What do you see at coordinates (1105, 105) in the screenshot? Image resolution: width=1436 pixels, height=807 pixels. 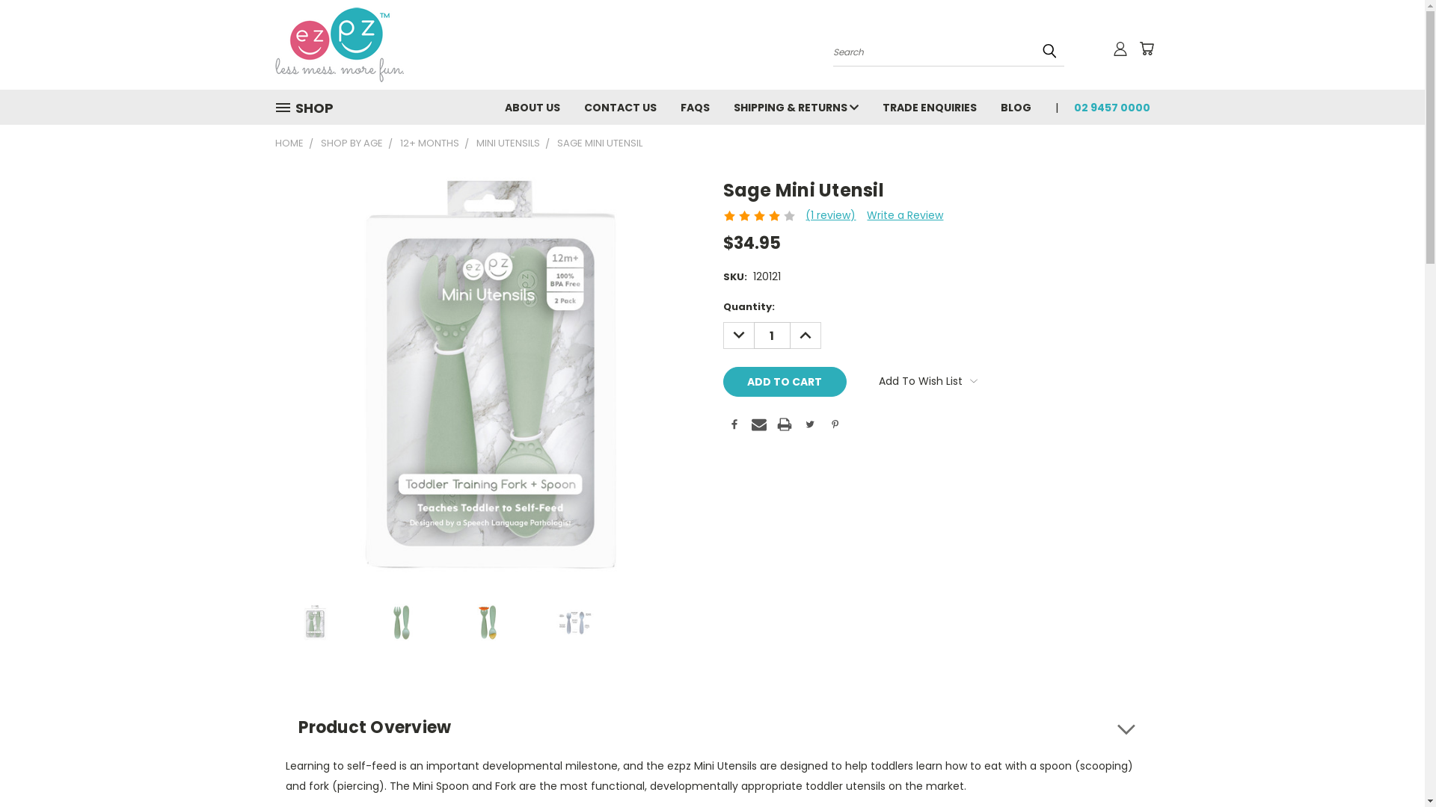 I see `'02 9457 0000'` at bounding box center [1105, 105].